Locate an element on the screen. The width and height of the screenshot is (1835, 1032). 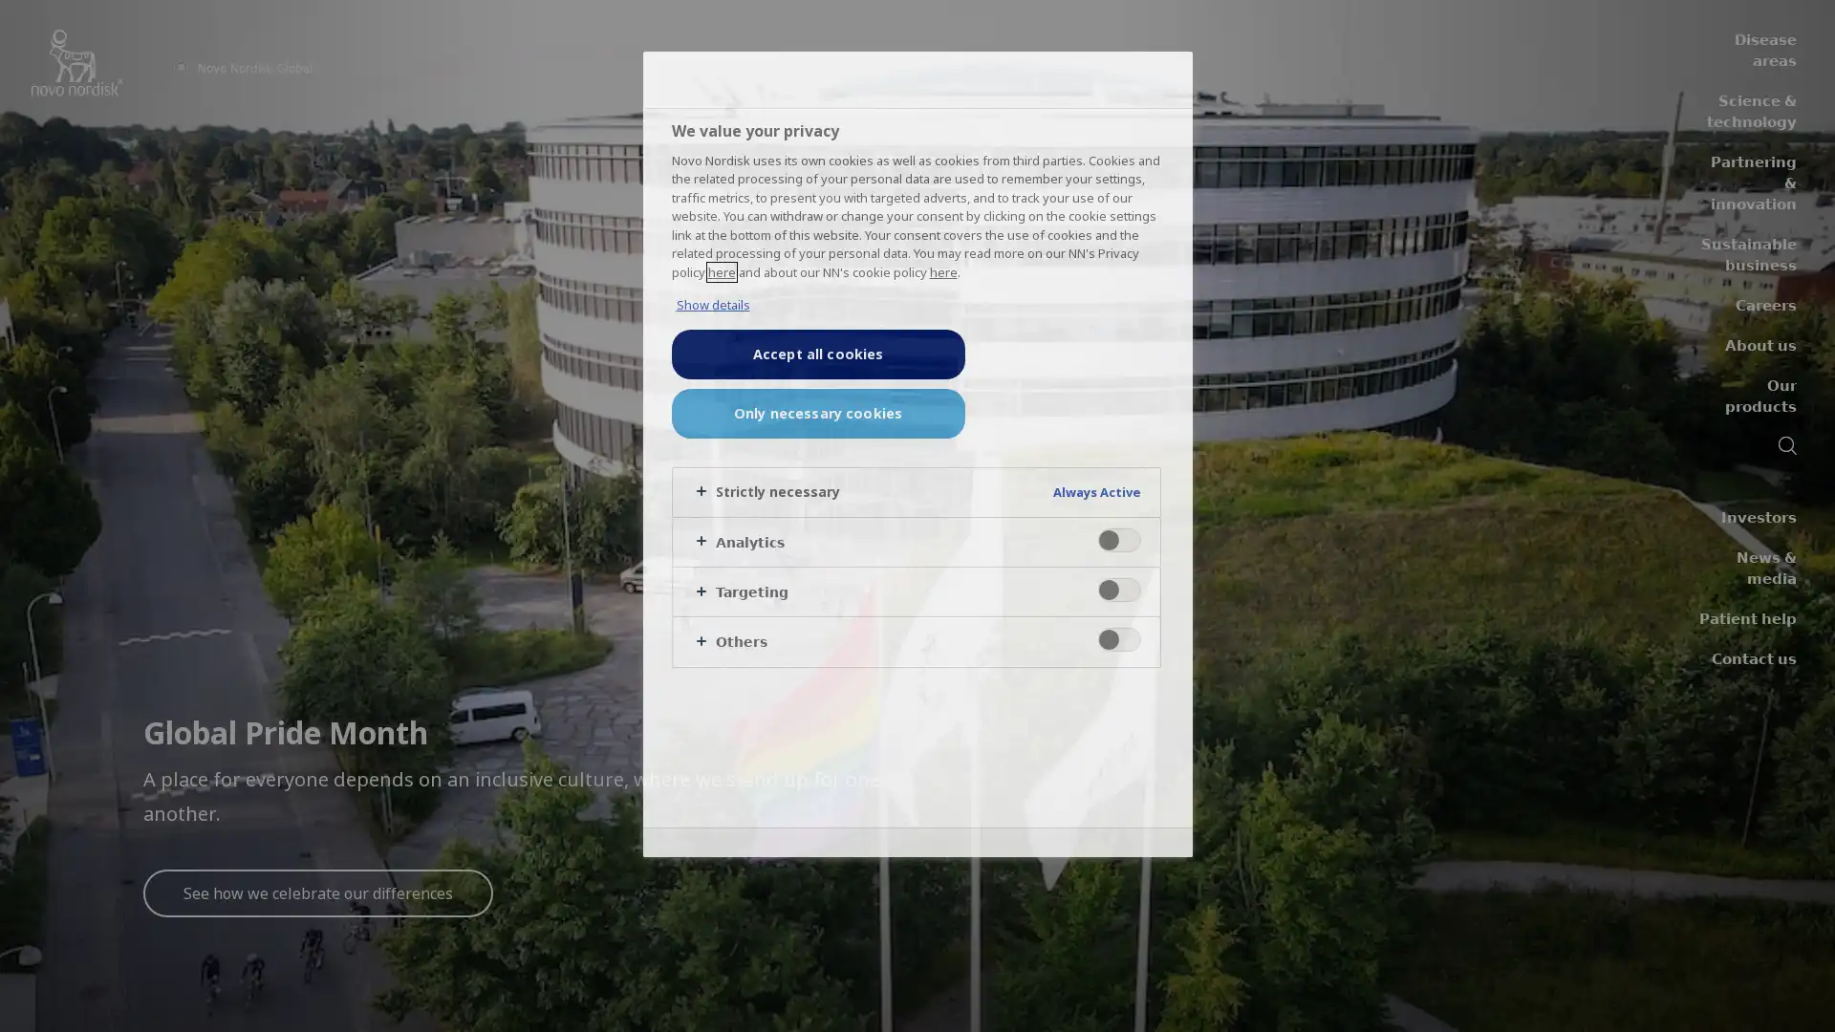
Search icon navigation is located at coordinates (1786, 382).